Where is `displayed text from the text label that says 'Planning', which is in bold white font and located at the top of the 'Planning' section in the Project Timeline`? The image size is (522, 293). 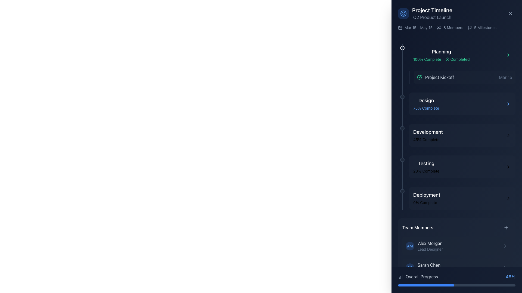
displayed text from the text label that says 'Planning', which is in bold white font and located at the top of the 'Planning' section in the Project Timeline is located at coordinates (441, 52).